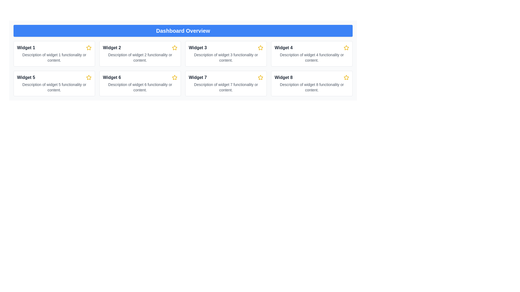  I want to click on the star icon indicating the favorite status for 'Widget 3', so click(260, 48).